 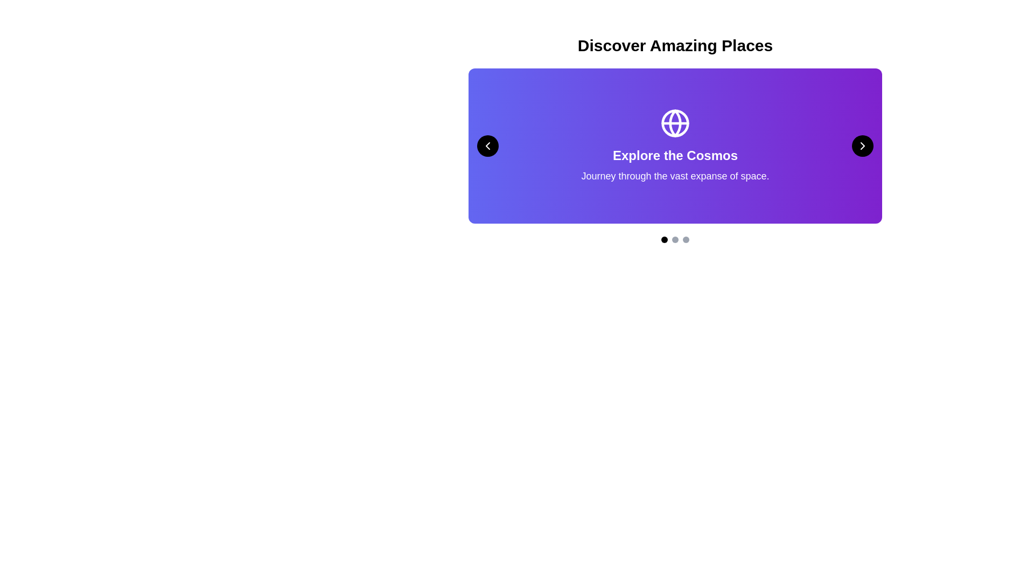 I want to click on the circular button with a black background and a white rightward arrow icon, located on the right side of the carousel, and activate it, so click(x=863, y=145).